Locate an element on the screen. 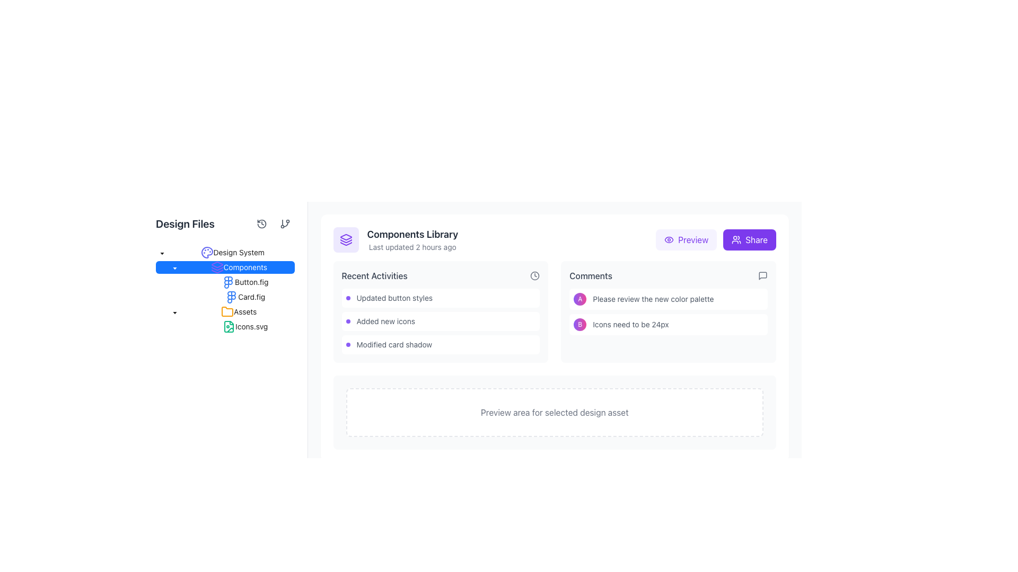 The image size is (1018, 572). the minimalist message icon located in the top-right corner of the 'Comments' section is located at coordinates (762, 275).